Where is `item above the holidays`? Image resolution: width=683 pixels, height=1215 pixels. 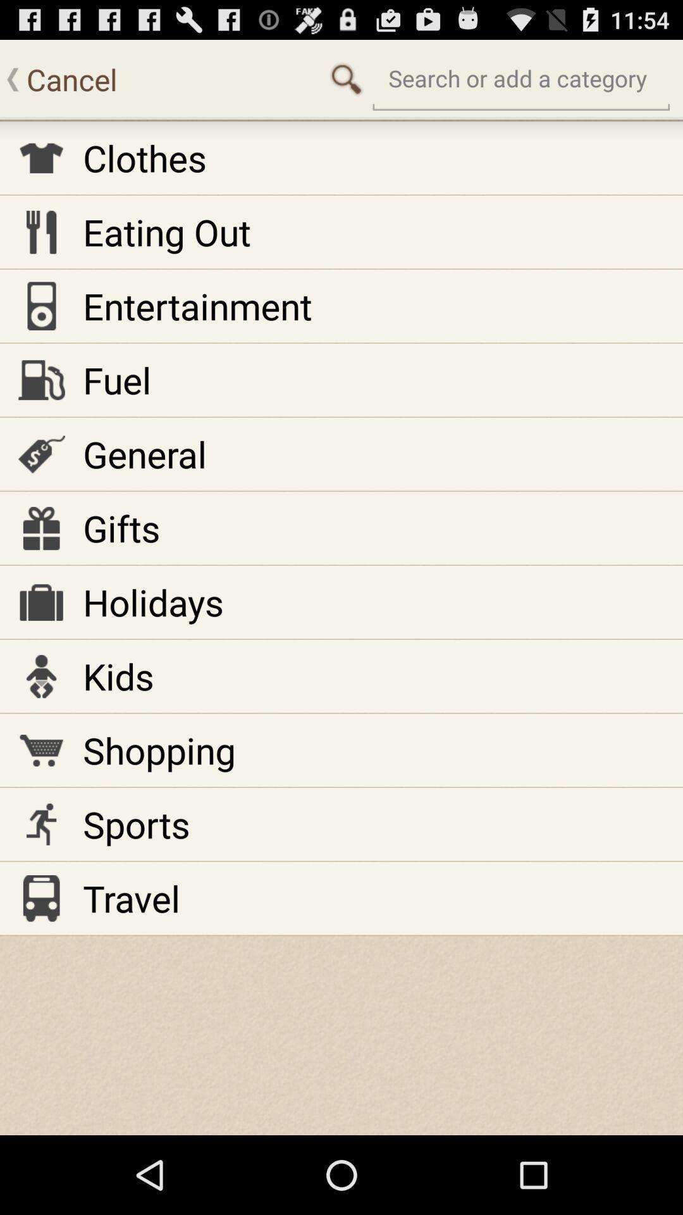 item above the holidays is located at coordinates (121, 528).